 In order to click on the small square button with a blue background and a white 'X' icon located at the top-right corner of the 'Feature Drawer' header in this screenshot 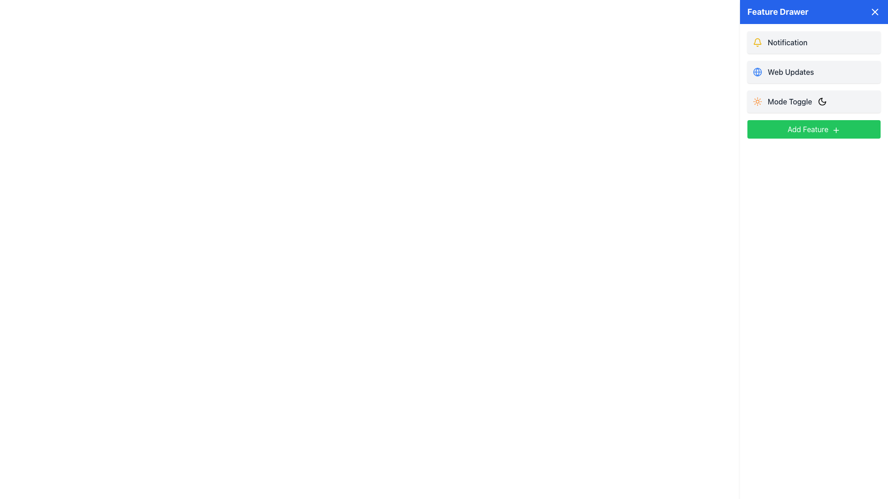, I will do `click(874, 12)`.